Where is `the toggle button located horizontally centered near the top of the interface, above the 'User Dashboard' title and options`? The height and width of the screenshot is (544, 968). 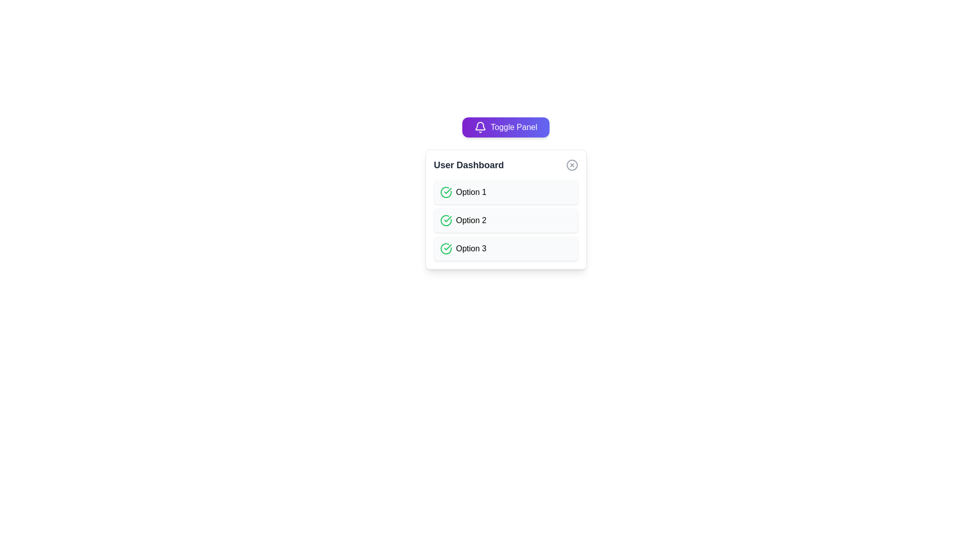
the toggle button located horizontally centered near the top of the interface, above the 'User Dashboard' title and options is located at coordinates (506, 127).